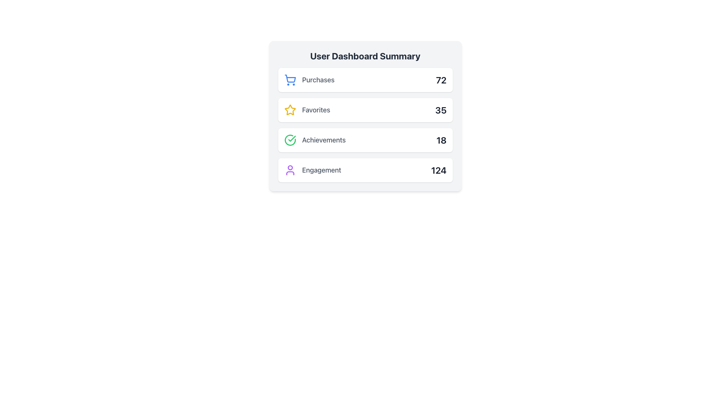 This screenshot has height=406, width=722. I want to click on the 'Favorites' text label on the dashboard, which indicates the section for favorite items and is located next to the star icon, so click(307, 110).